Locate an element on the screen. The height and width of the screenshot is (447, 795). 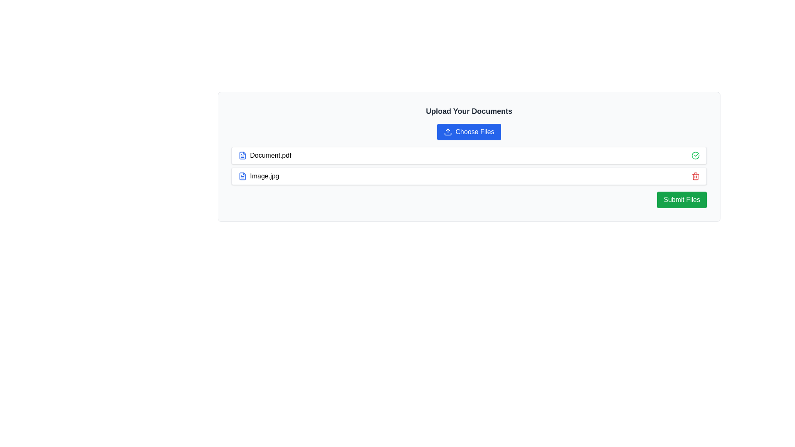
the button located below the 'Upload Your Documents' text is located at coordinates (469, 132).